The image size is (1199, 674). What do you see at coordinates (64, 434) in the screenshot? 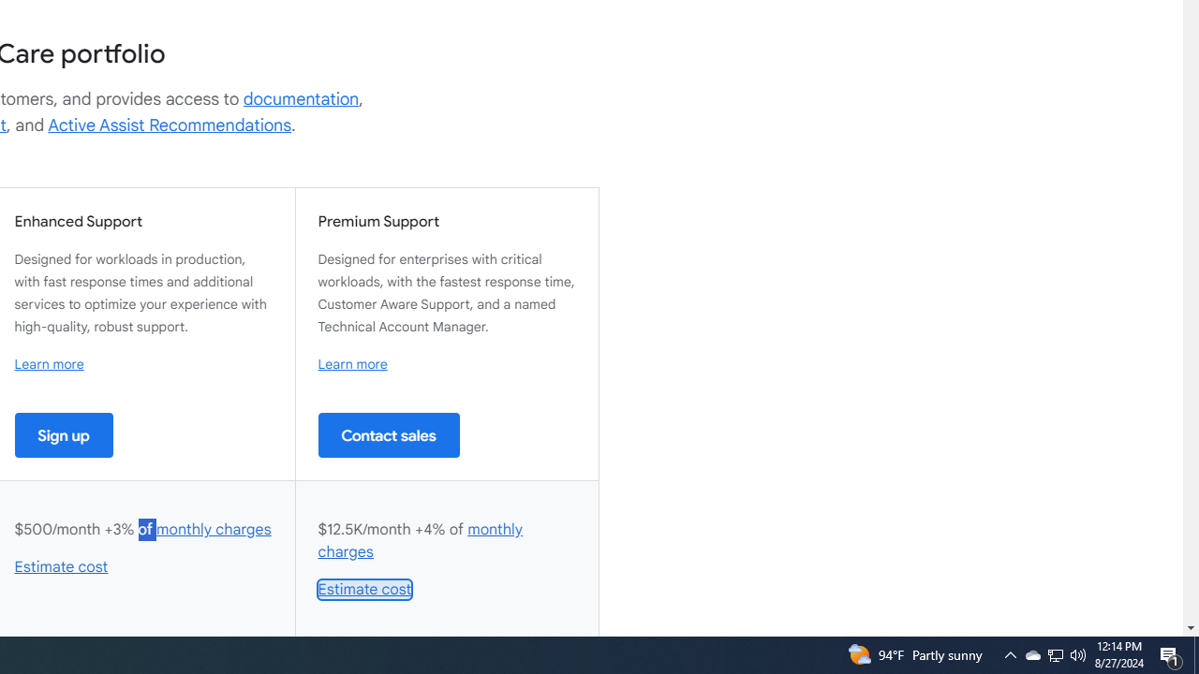
I see `'Sign up'` at bounding box center [64, 434].